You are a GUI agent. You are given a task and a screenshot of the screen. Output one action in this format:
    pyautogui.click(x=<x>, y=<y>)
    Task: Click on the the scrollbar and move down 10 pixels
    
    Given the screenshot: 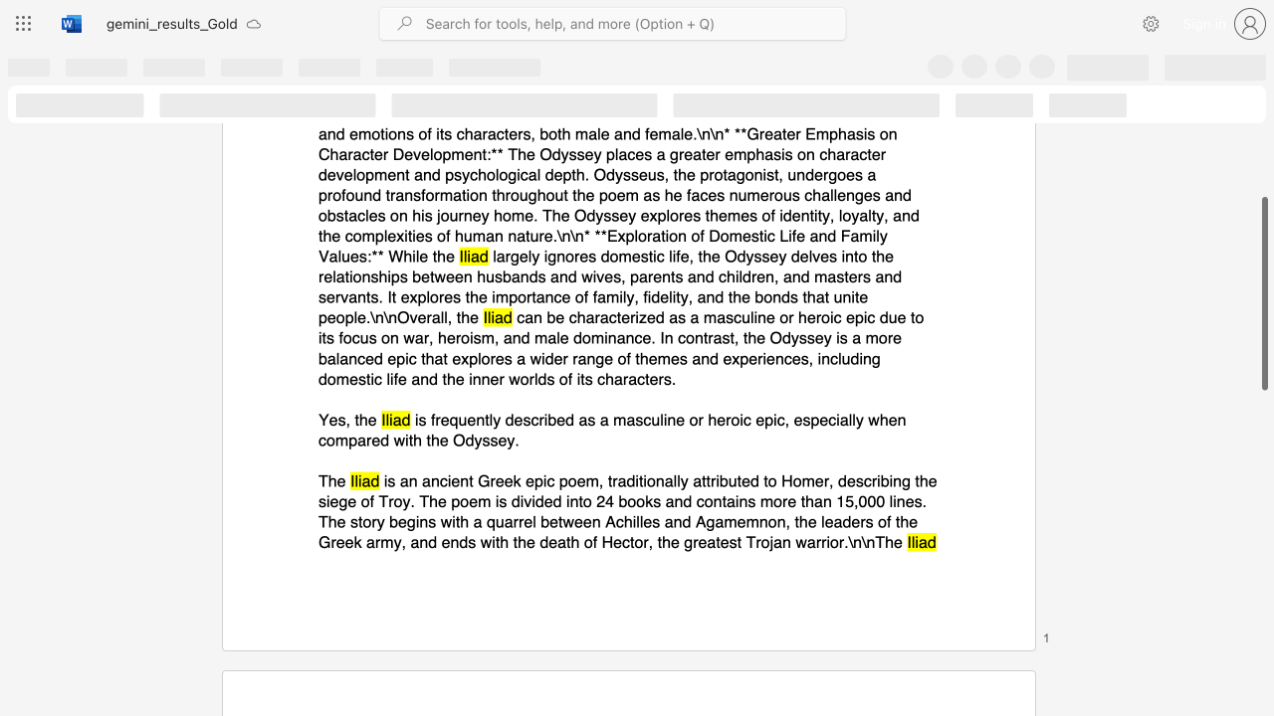 What is the action you would take?
    pyautogui.click(x=1263, y=293)
    